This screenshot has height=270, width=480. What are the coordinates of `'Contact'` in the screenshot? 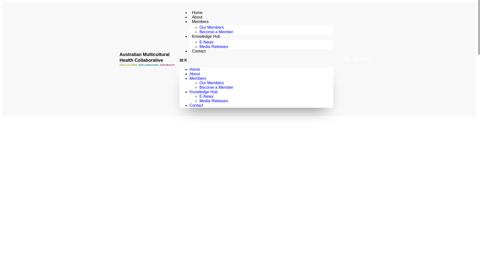 It's located at (196, 105).